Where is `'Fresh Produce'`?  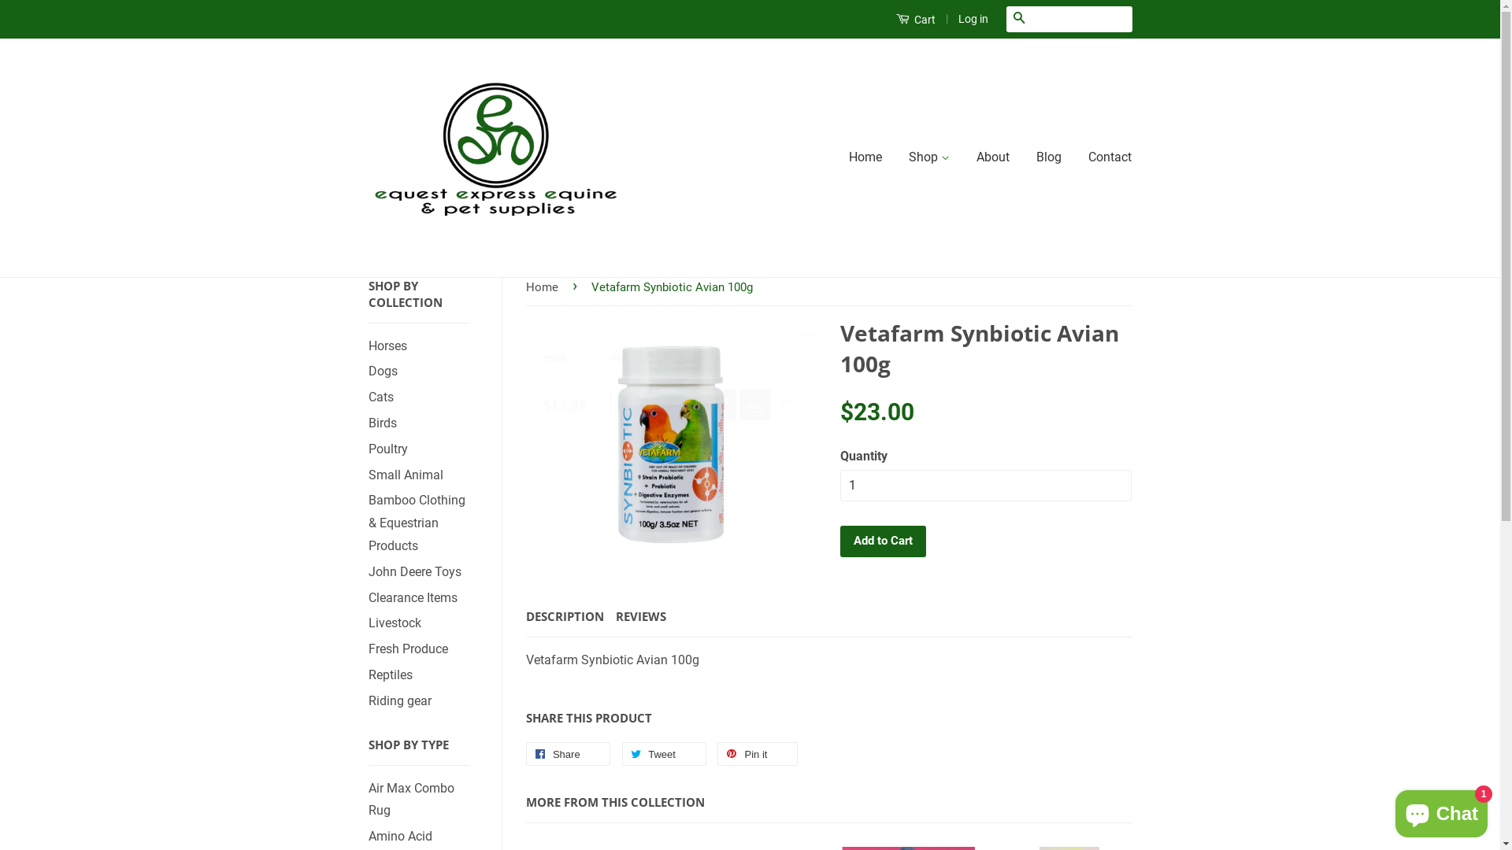 'Fresh Produce' is located at coordinates (367, 649).